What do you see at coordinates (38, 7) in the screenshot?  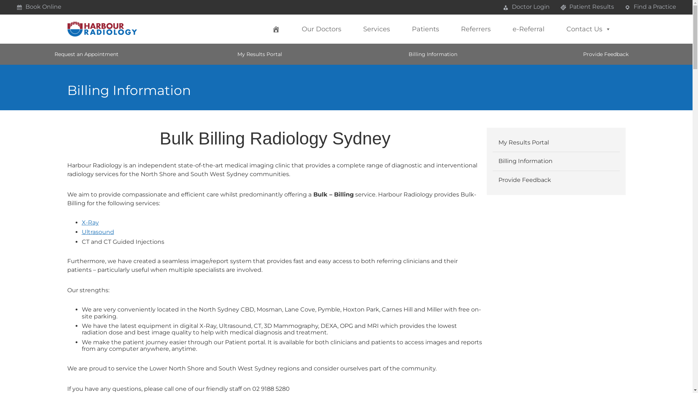 I see `'Book Online'` at bounding box center [38, 7].